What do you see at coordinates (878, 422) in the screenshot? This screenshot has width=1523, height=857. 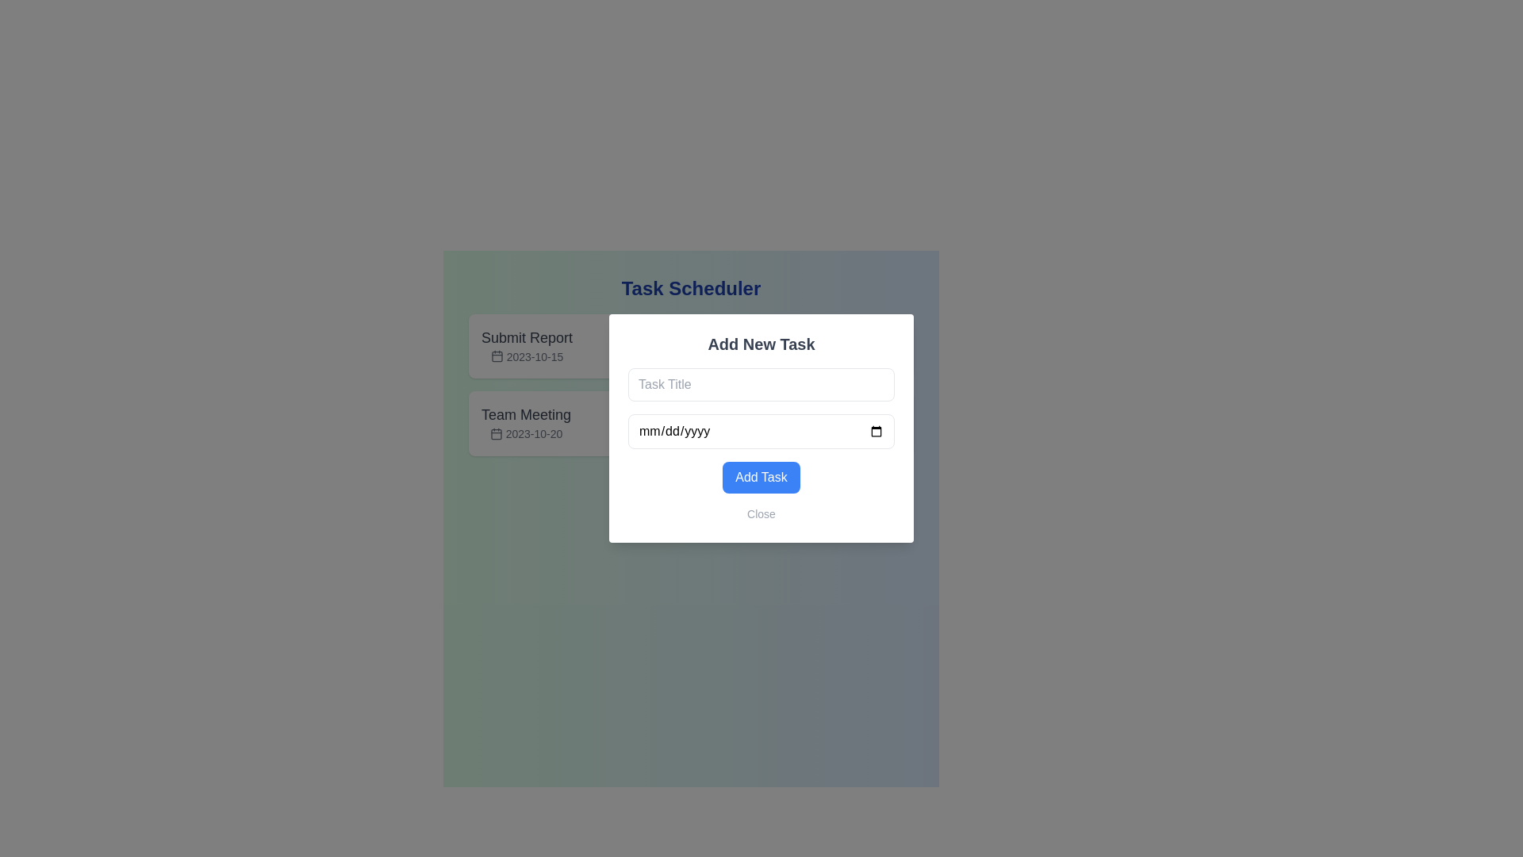 I see `the checkmark icon rendered in SVG format, located inside the green action button in the 'Add New Task' modal, positioned towards the right side` at bounding box center [878, 422].